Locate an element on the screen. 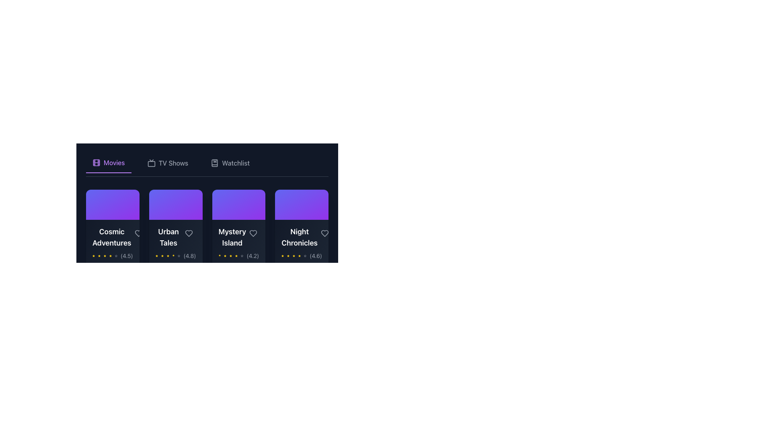  the decorative background of the first card in the Movies section, which features a gradient from indigo to purple is located at coordinates (112, 204).